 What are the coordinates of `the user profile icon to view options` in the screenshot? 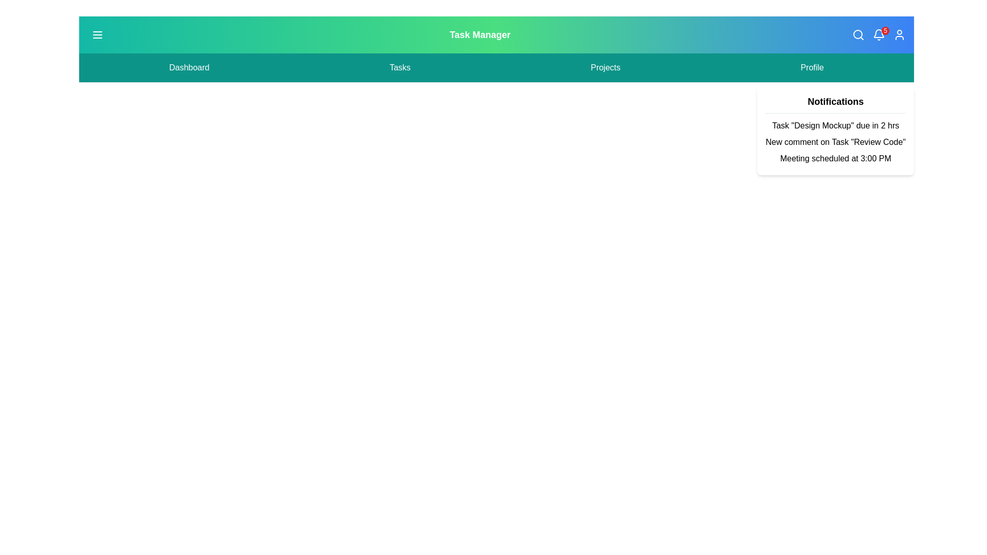 It's located at (899, 34).